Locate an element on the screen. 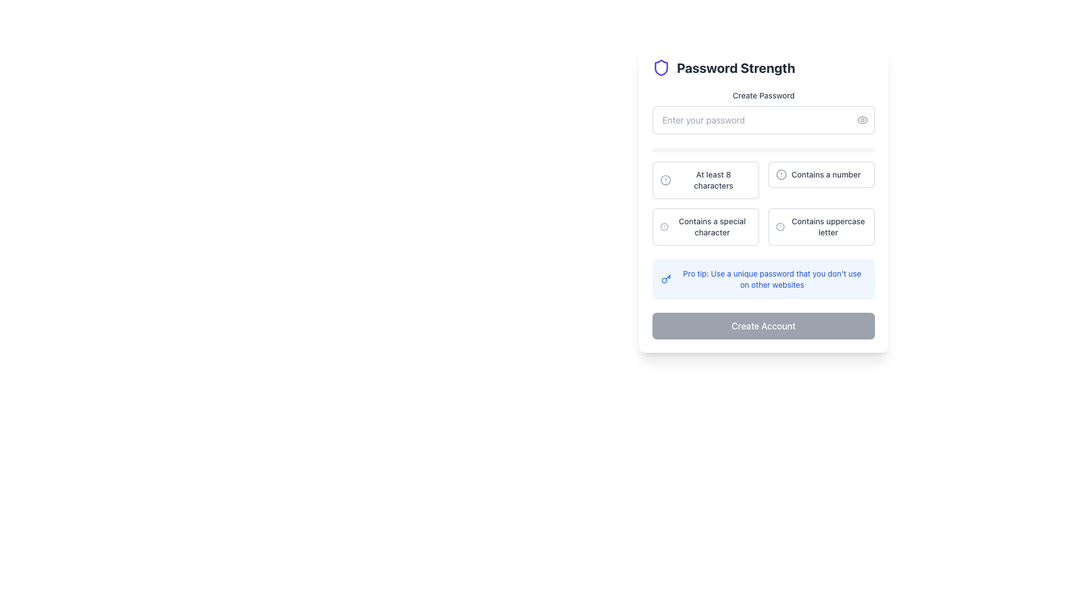  the blue key icon located within the blue-filled tooltip box that provides a pro tip message about password uniqueness is located at coordinates (666, 278).